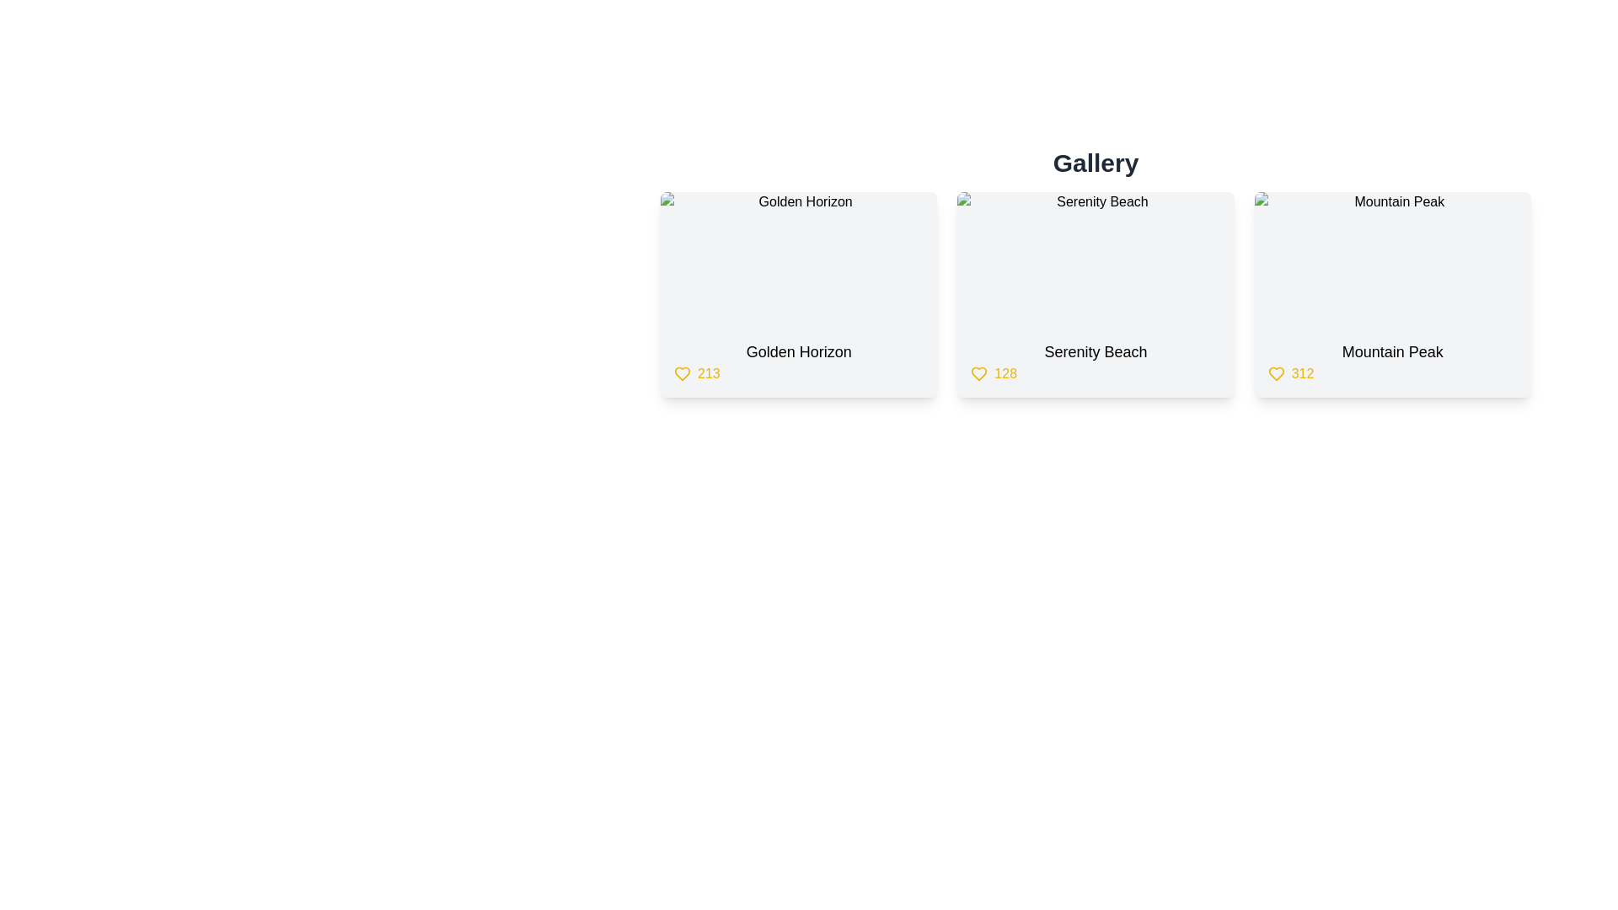  What do you see at coordinates (1096, 260) in the screenshot?
I see `the image displaying 'Serenity Beach'` at bounding box center [1096, 260].